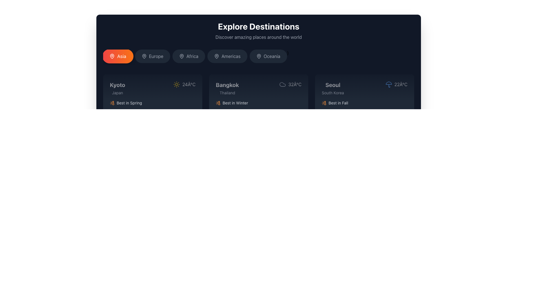 The image size is (541, 304). What do you see at coordinates (176, 84) in the screenshot?
I see `the sunny weather icon located to the left of the '24°C' temperature in the weather card` at bounding box center [176, 84].